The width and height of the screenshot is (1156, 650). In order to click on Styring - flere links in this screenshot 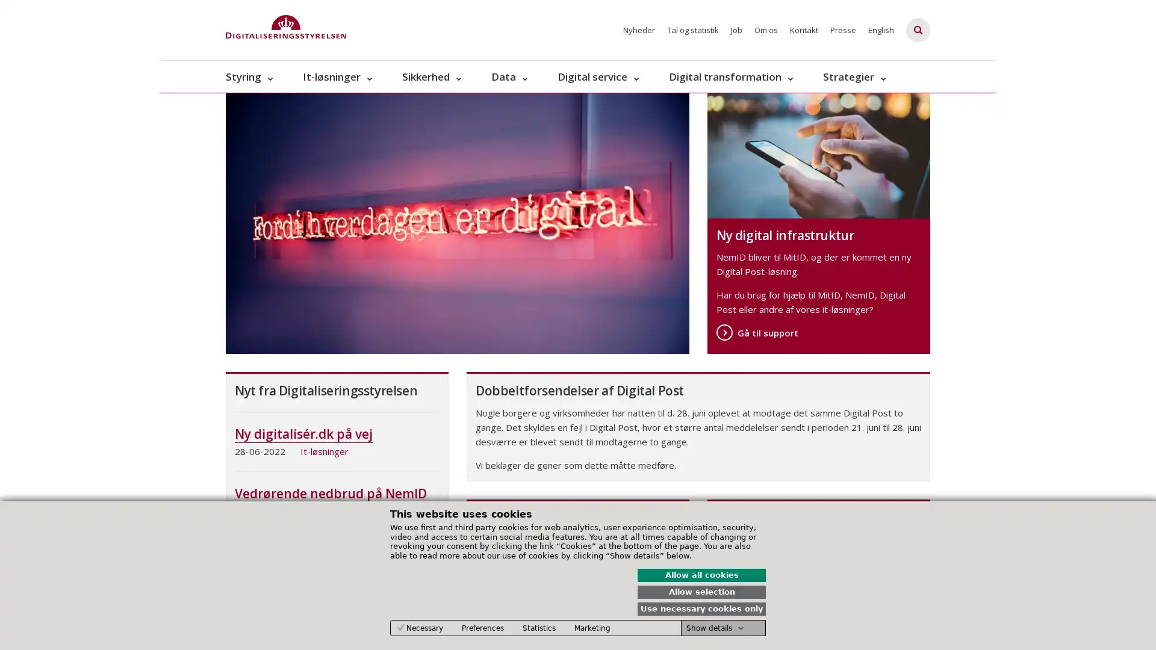, I will do `click(269, 77)`.